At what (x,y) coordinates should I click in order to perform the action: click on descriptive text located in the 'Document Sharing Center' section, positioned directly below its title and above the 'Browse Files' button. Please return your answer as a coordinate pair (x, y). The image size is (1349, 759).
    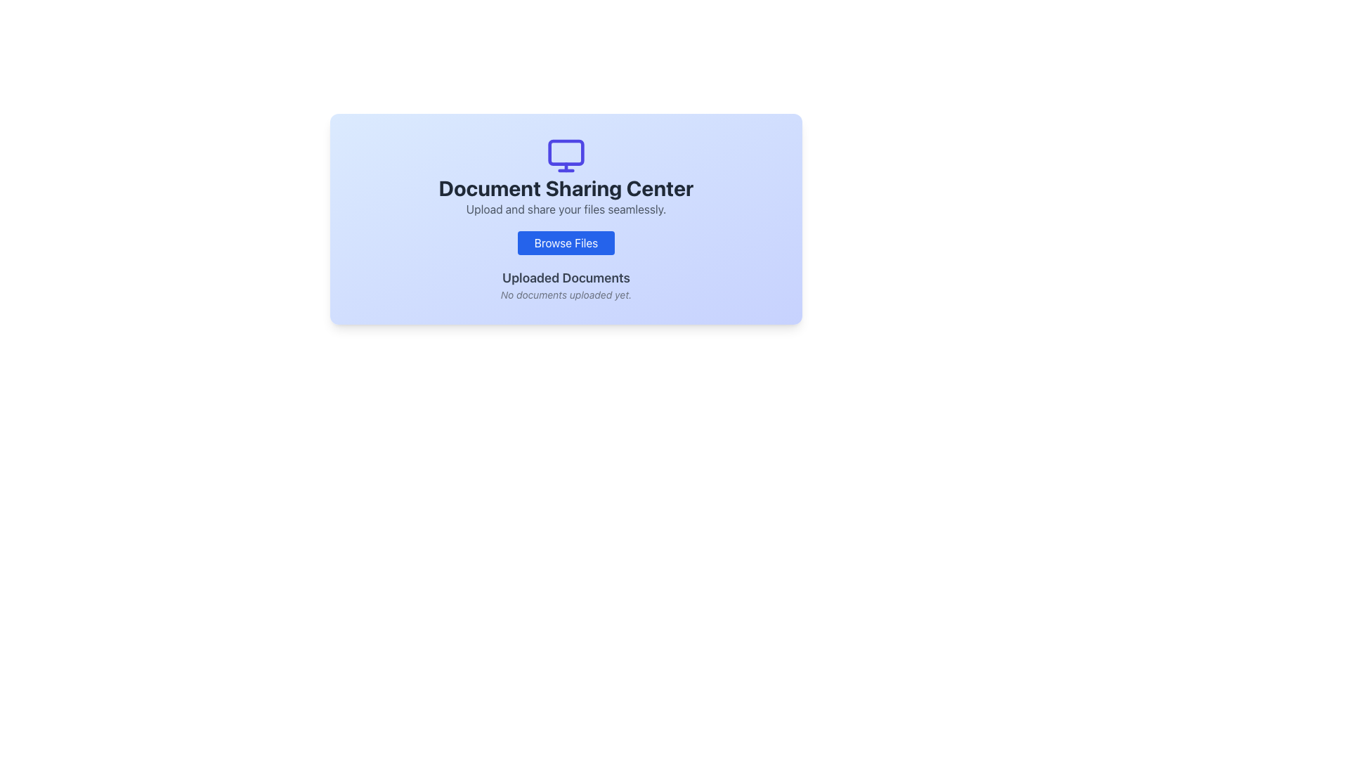
    Looking at the image, I should click on (566, 209).